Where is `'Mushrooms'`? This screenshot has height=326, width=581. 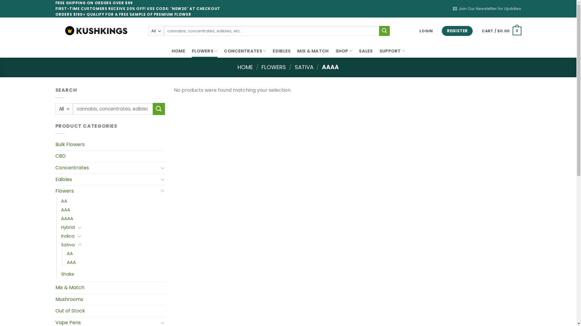 'Mushrooms' is located at coordinates (55, 299).